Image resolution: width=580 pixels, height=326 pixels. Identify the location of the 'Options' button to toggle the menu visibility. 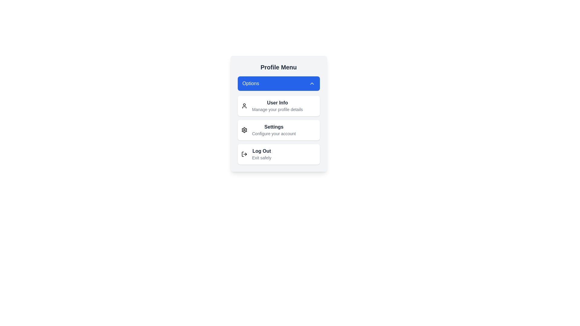
(278, 84).